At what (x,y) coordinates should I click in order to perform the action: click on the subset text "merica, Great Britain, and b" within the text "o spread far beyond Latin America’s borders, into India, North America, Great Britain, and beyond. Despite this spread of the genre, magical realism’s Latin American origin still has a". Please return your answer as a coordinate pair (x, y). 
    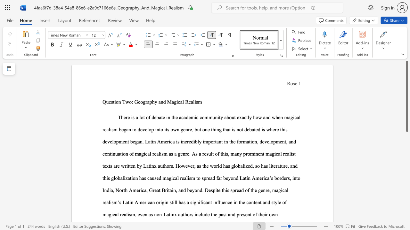
    Looking at the image, I should click on (132, 190).